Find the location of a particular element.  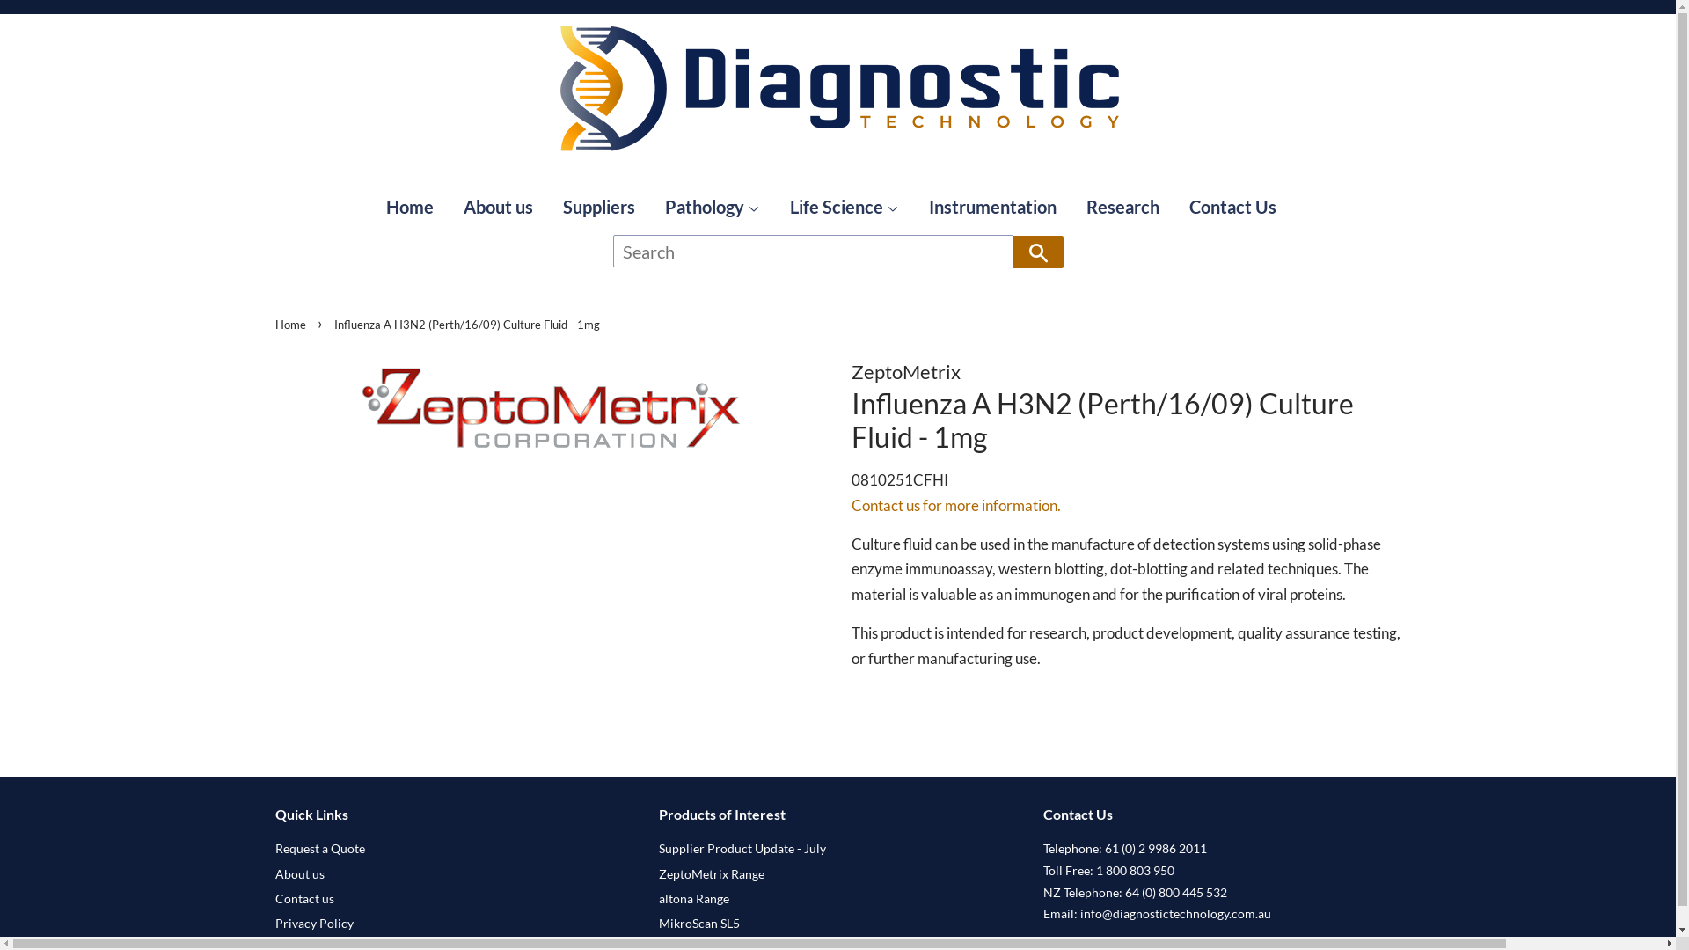

'ZeptoMetrix Range' is located at coordinates (712, 873).